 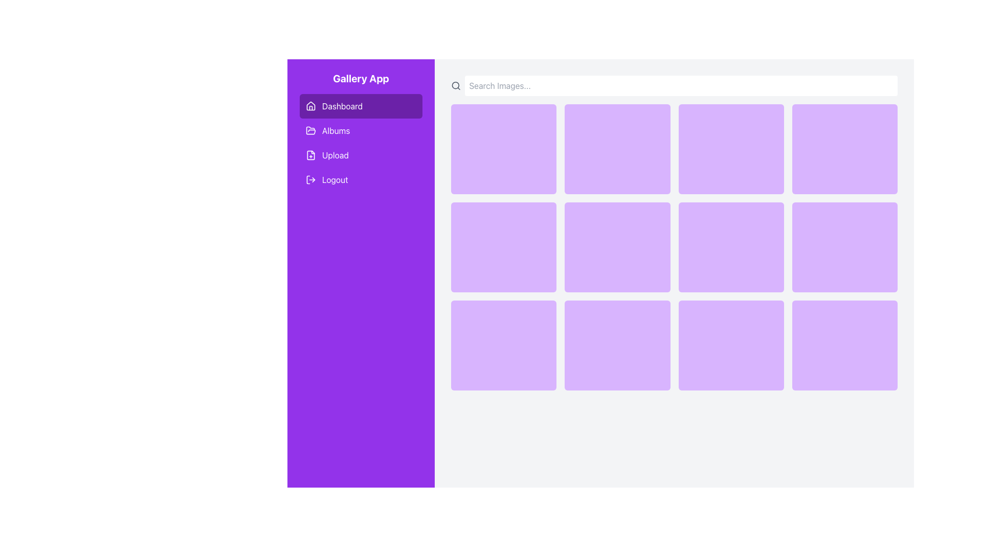 I want to click on the 'Logout' button located in the left-side purple navigation panel to logout from the current session, so click(x=310, y=179).